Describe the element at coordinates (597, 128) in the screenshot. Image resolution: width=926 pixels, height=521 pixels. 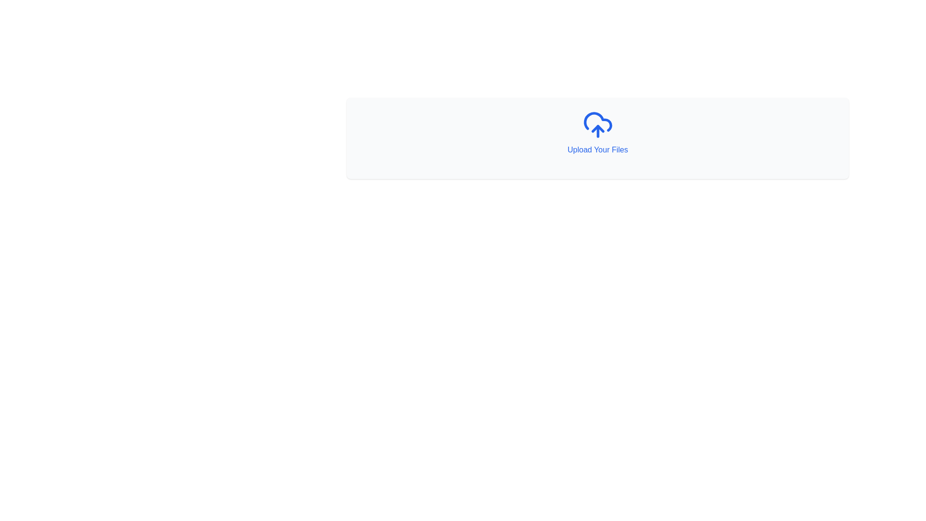
I see `the blue triangular icon located centrally within the cloud-shaped graphic in the upload interface` at that location.